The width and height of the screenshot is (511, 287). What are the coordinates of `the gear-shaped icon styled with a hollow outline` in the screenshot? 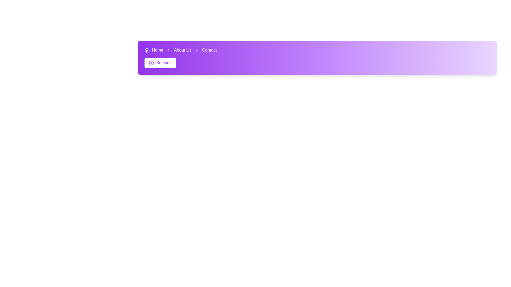 It's located at (151, 62).